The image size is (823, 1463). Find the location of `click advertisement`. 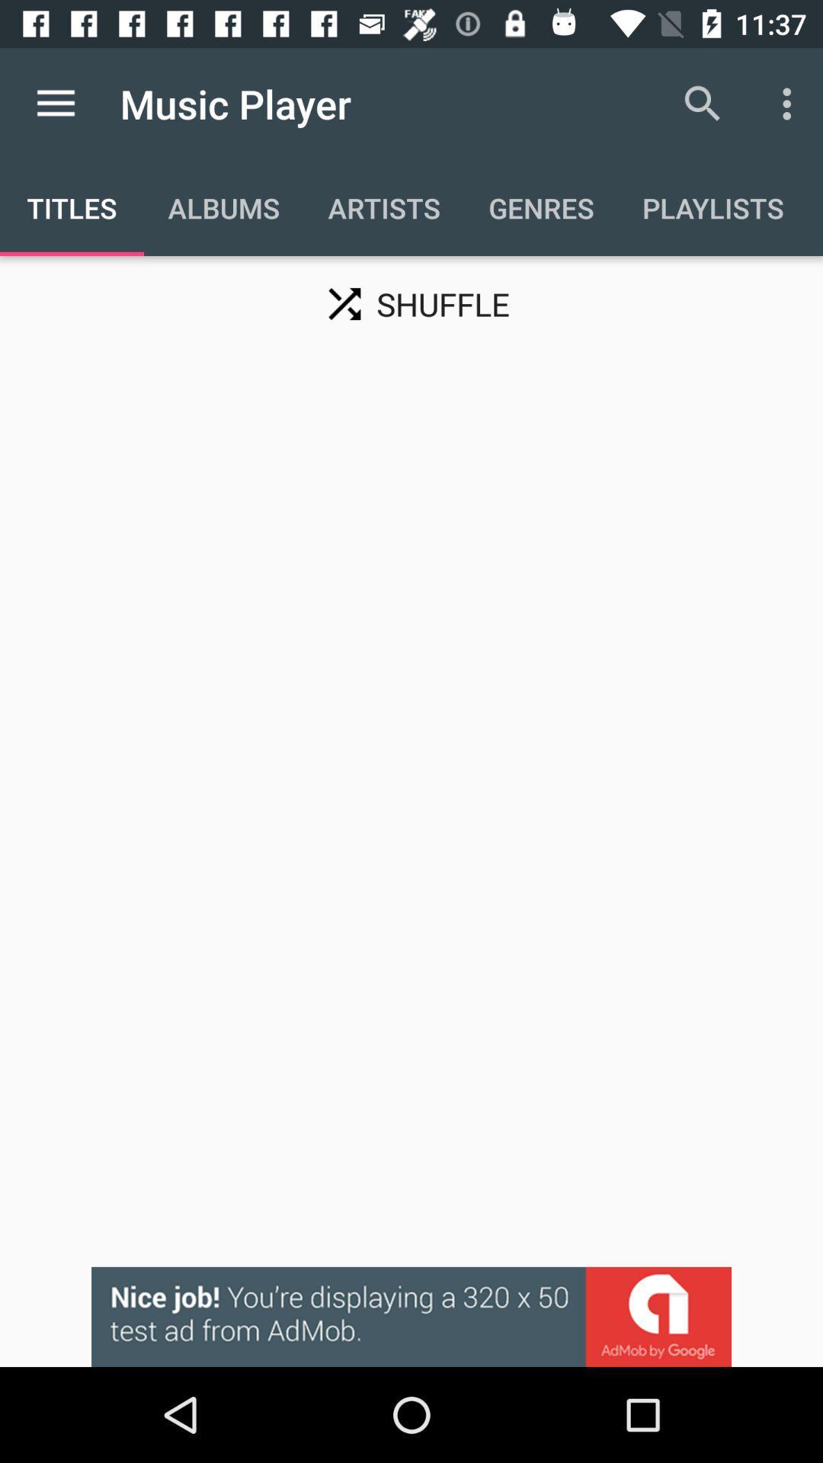

click advertisement is located at coordinates (411, 1316).